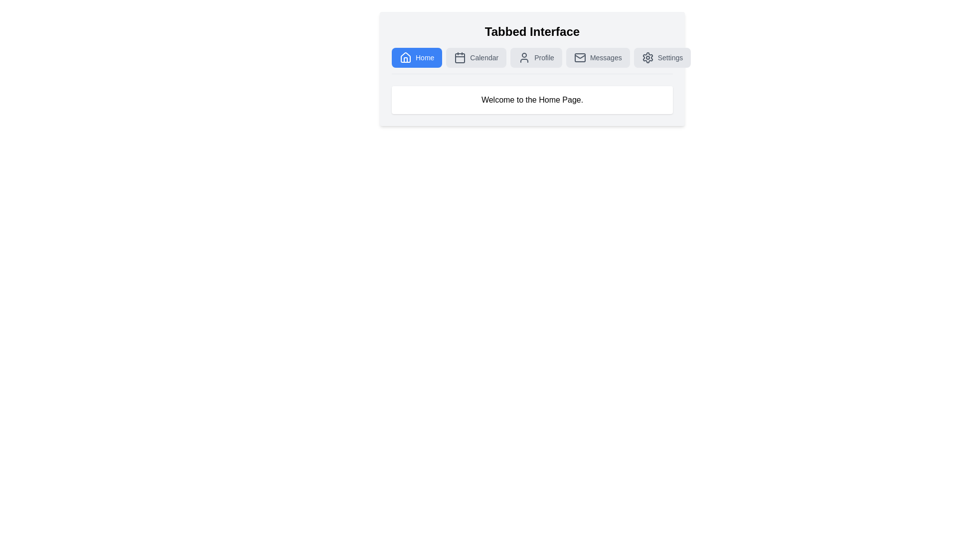 Image resolution: width=957 pixels, height=538 pixels. What do you see at coordinates (460, 57) in the screenshot?
I see `the calendar icon located in the top navigation bar, which has a gray outline and is positioned immediately following the 'Home' icon` at bounding box center [460, 57].